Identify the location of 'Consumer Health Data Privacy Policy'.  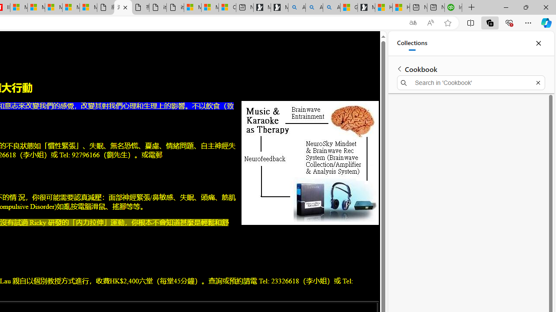
(227, 7).